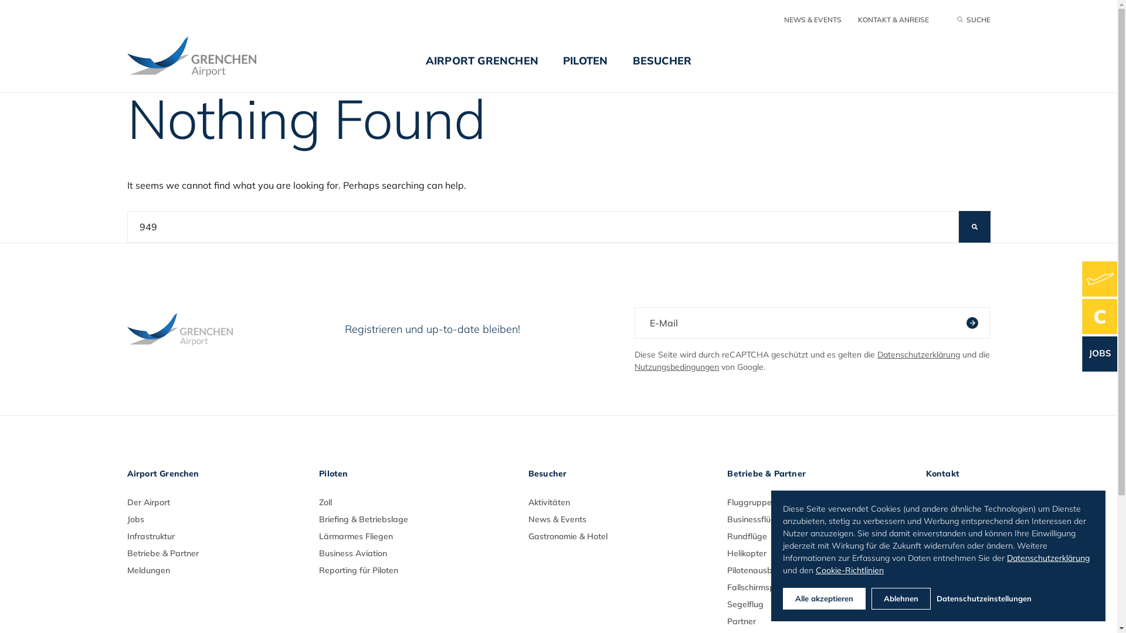  What do you see at coordinates (726, 569) in the screenshot?
I see `'Pilotenausbildung'` at bounding box center [726, 569].